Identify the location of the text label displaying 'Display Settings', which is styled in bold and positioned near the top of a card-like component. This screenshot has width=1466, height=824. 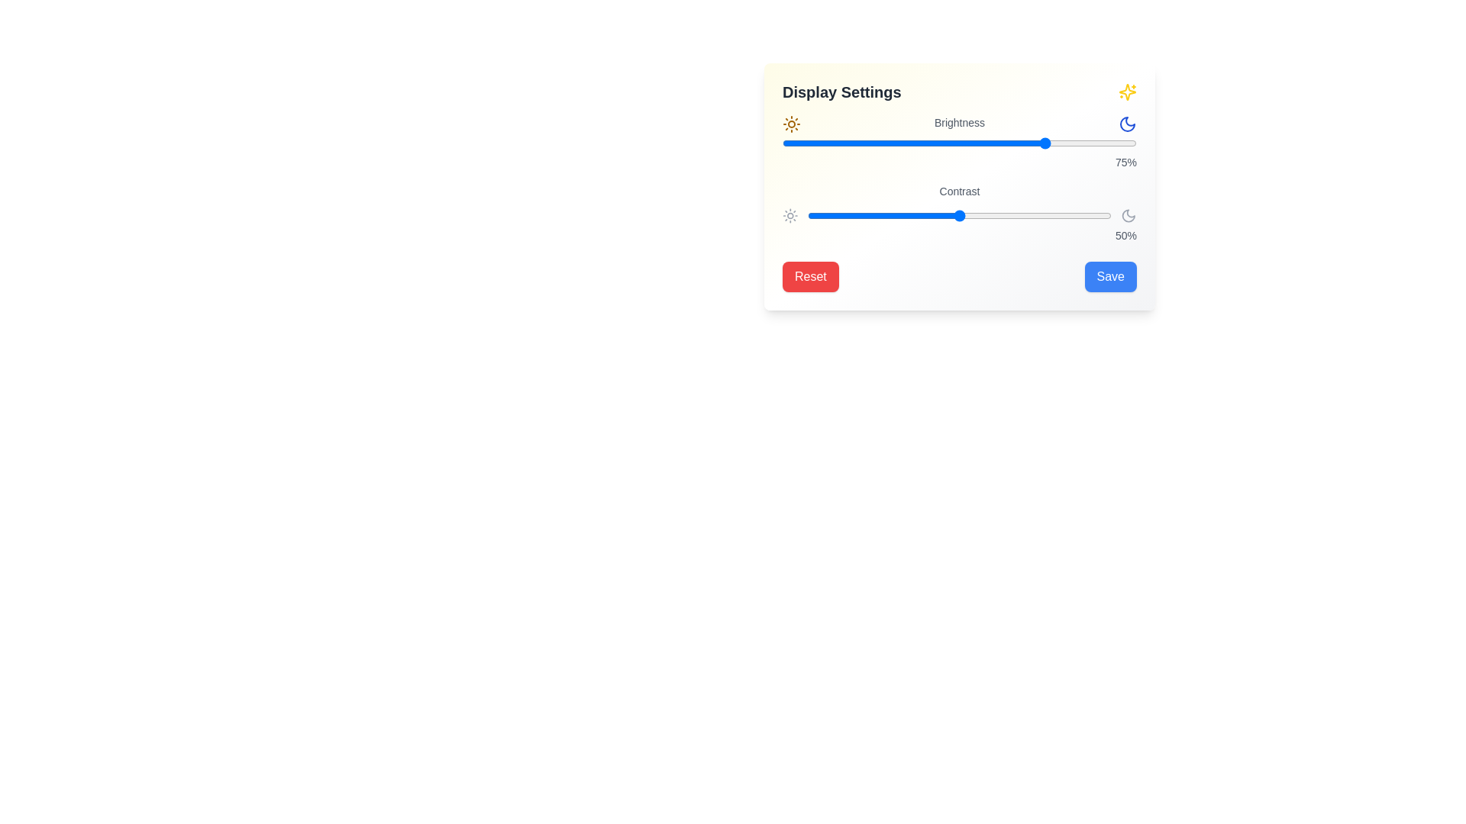
(841, 92).